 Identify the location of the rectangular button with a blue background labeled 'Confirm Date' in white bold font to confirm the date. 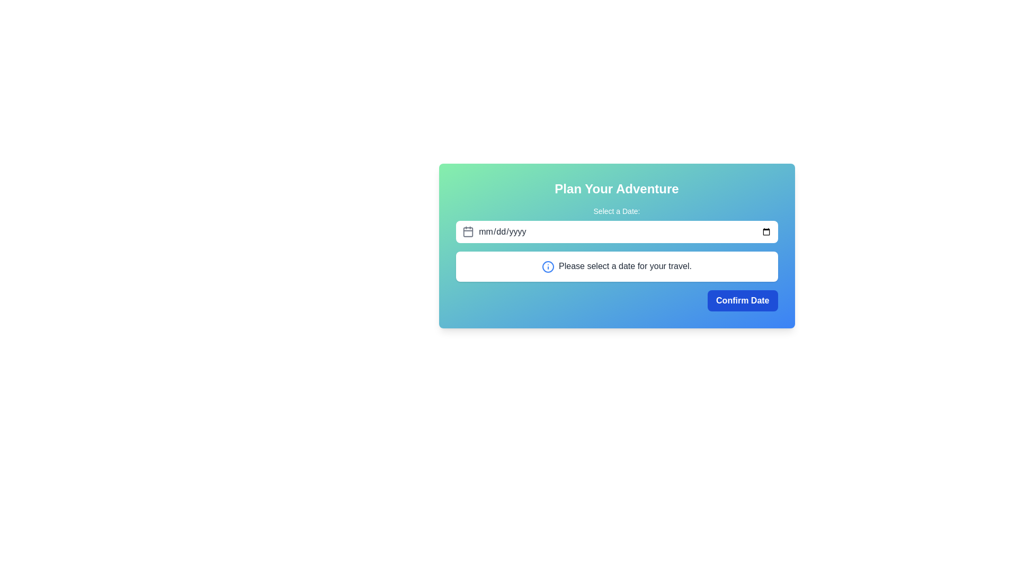
(742, 300).